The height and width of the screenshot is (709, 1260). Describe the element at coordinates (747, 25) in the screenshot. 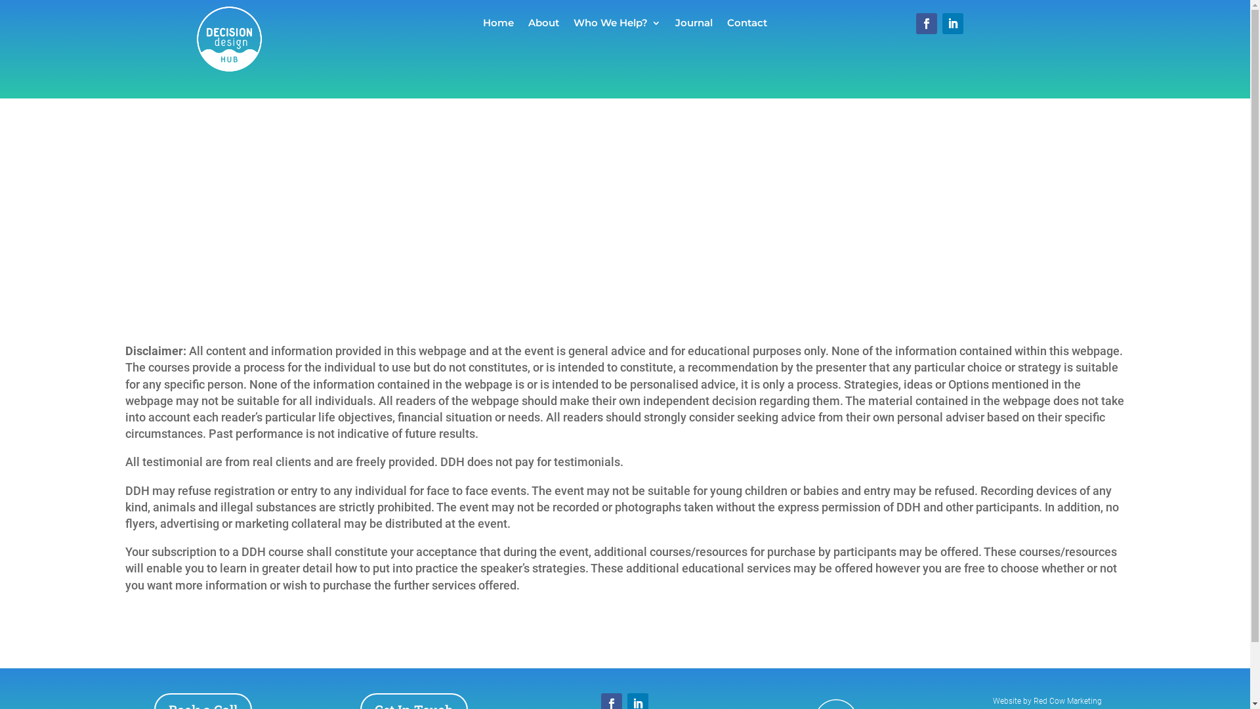

I see `'Contact'` at that location.